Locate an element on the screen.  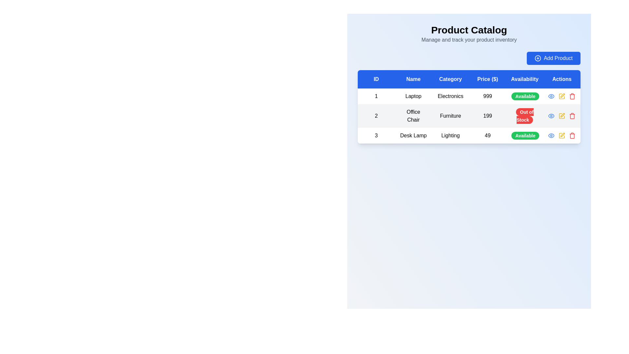
the product name in the second row of the product catalog table, located under the 'Name' column is located at coordinates (413, 116).